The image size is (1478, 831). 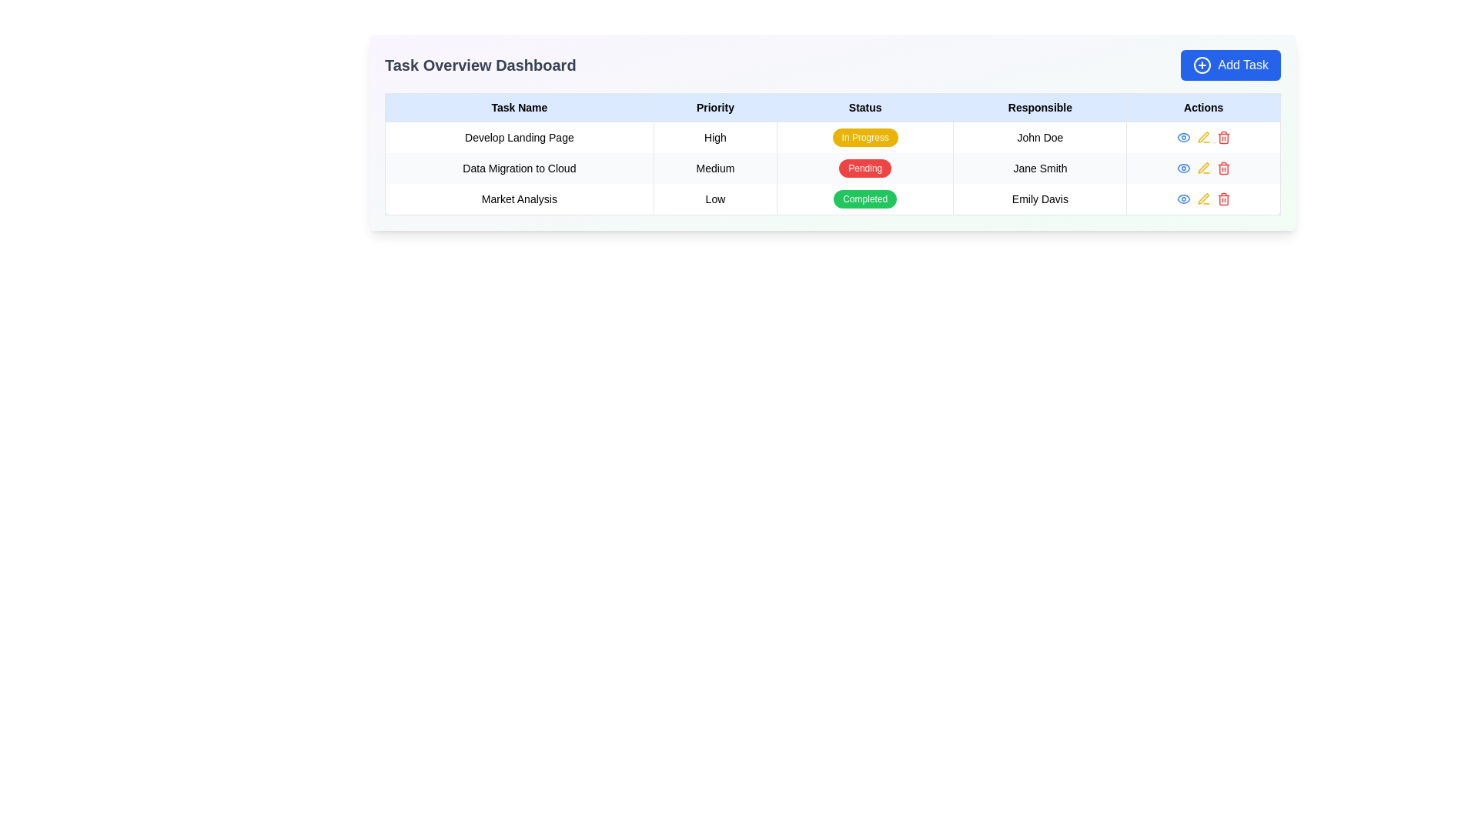 What do you see at coordinates (1202, 106) in the screenshot?
I see `the table header cell containing the text 'Actions' in bold black font on a light blue background, which is the last column in the header row of the table` at bounding box center [1202, 106].